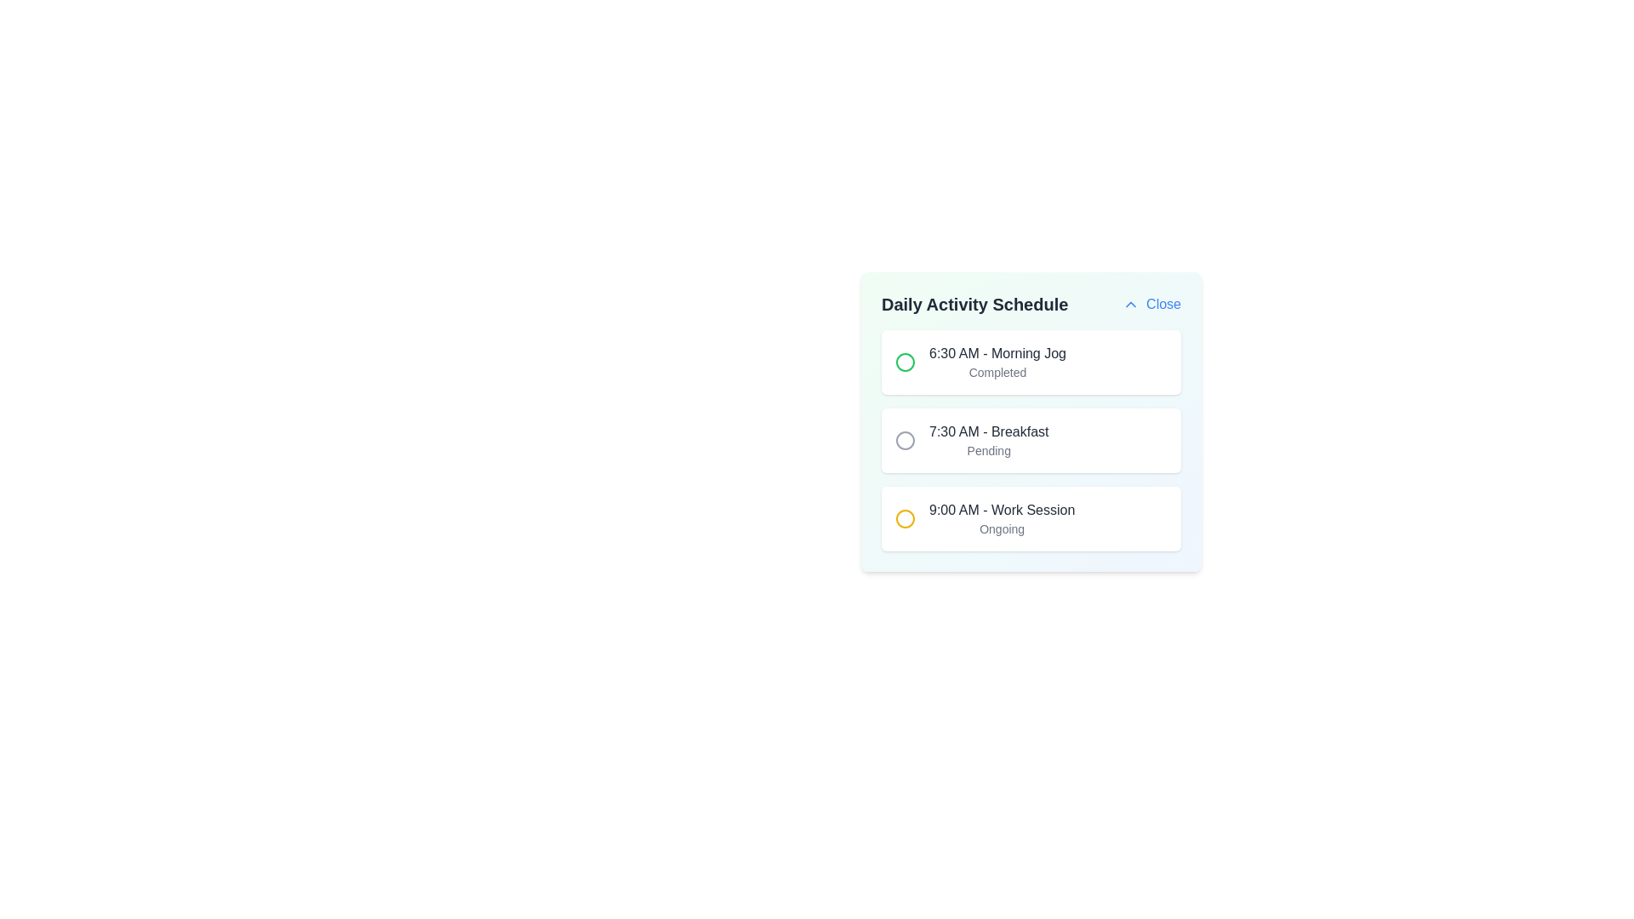  What do you see at coordinates (905, 517) in the screenshot?
I see `the circular icon with a yellow border located to the left of the text '9:00 AM - Work Session' in the third item of the daily activities list` at bounding box center [905, 517].